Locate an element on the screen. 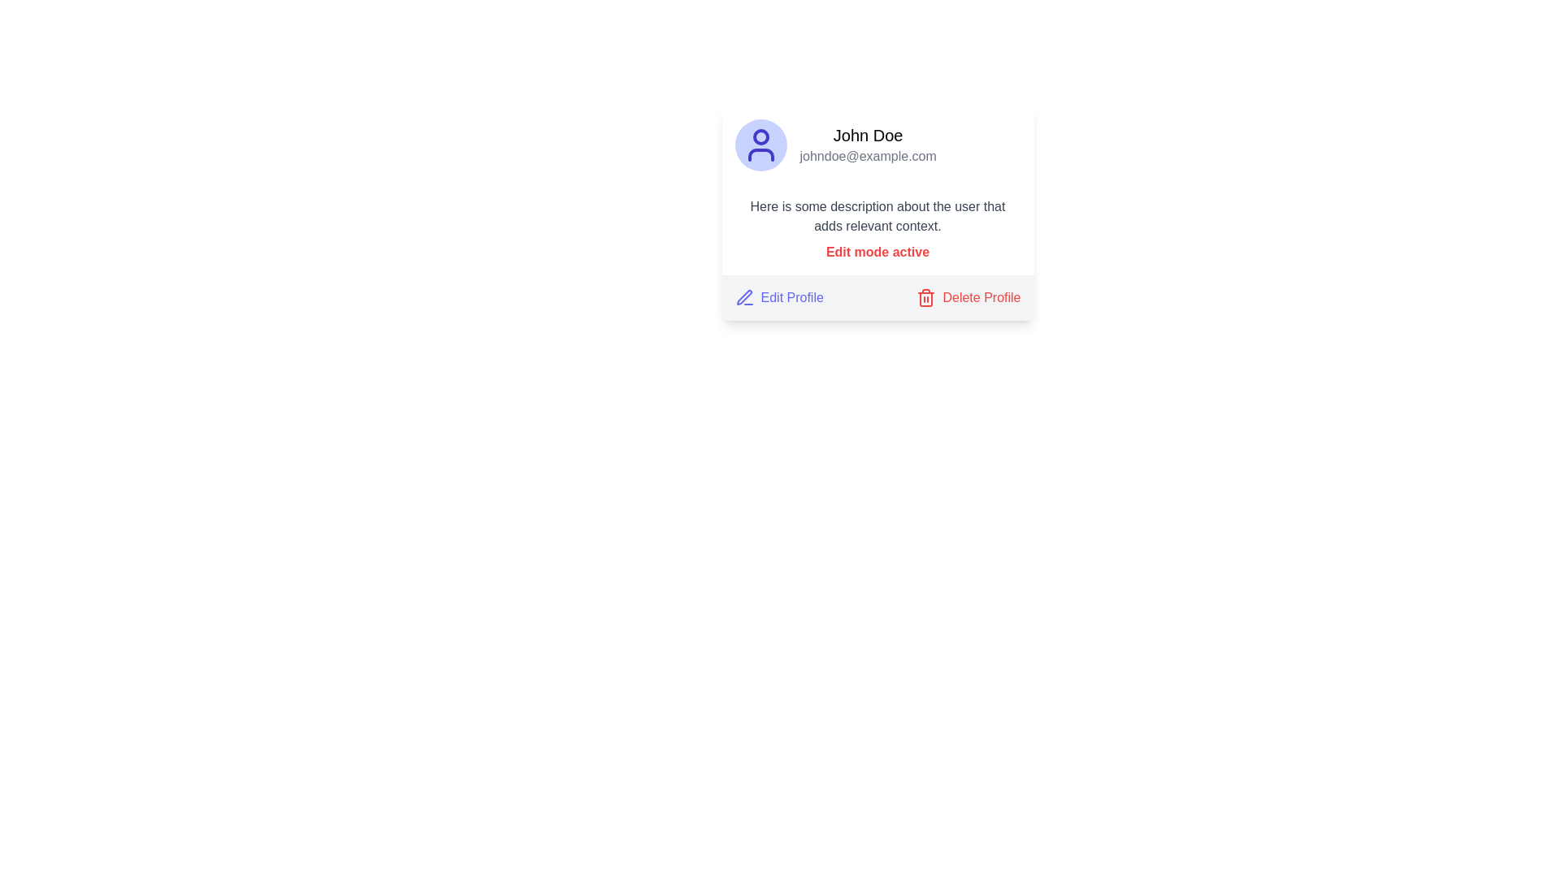 The width and height of the screenshot is (1560, 877). the static text displaying the email address 'johndoe@example.com', which is styled in gray and located below the 'John Doe' label within the user profile card is located at coordinates (867, 156).